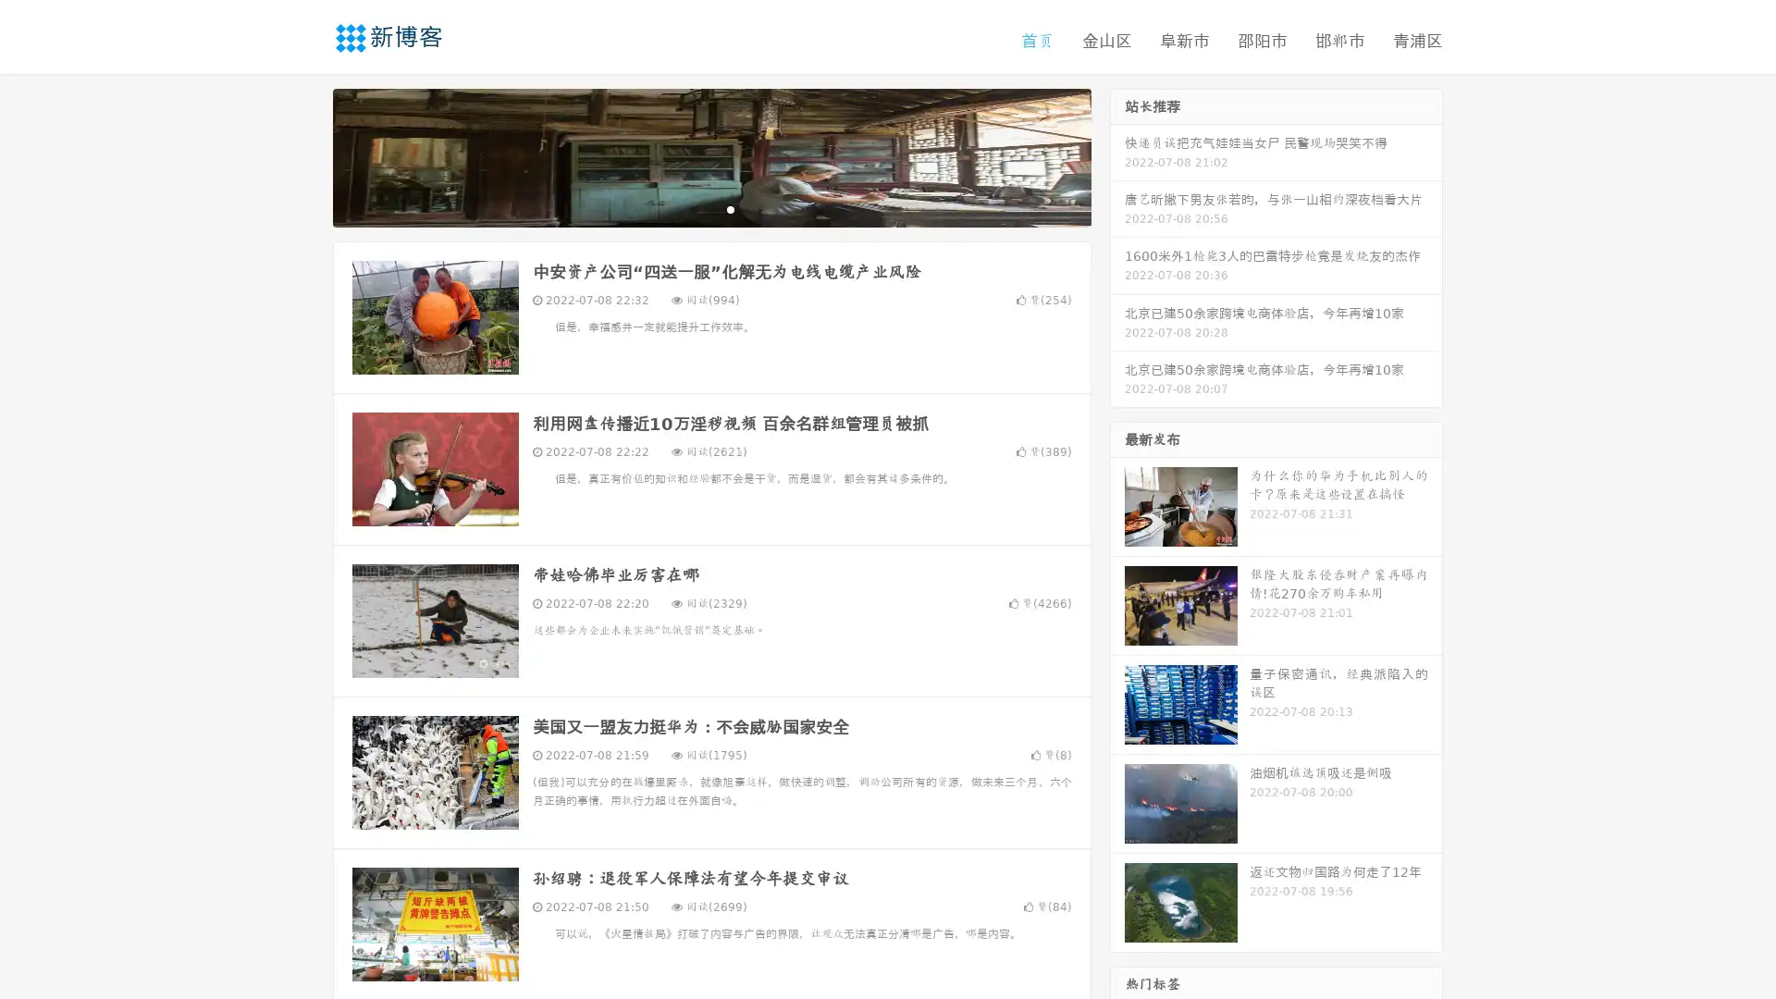 The height and width of the screenshot is (999, 1776). I want to click on Go to slide 1, so click(692, 208).